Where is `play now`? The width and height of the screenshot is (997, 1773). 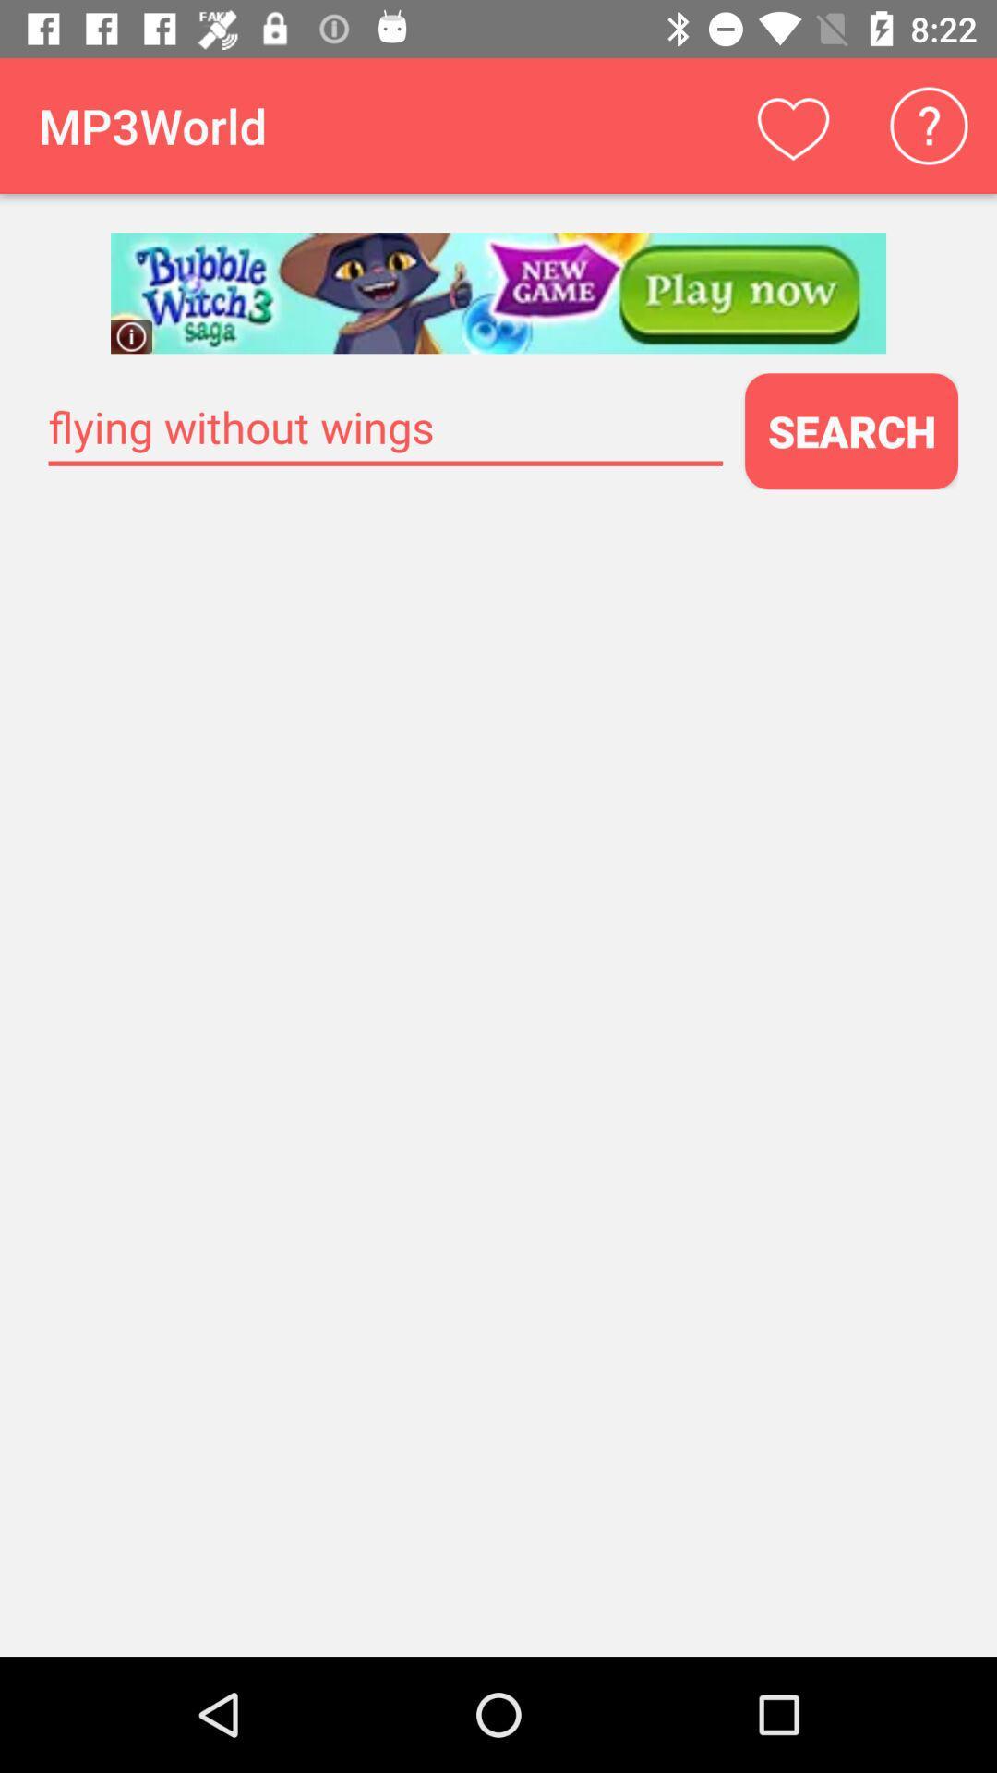
play now is located at coordinates (498, 292).